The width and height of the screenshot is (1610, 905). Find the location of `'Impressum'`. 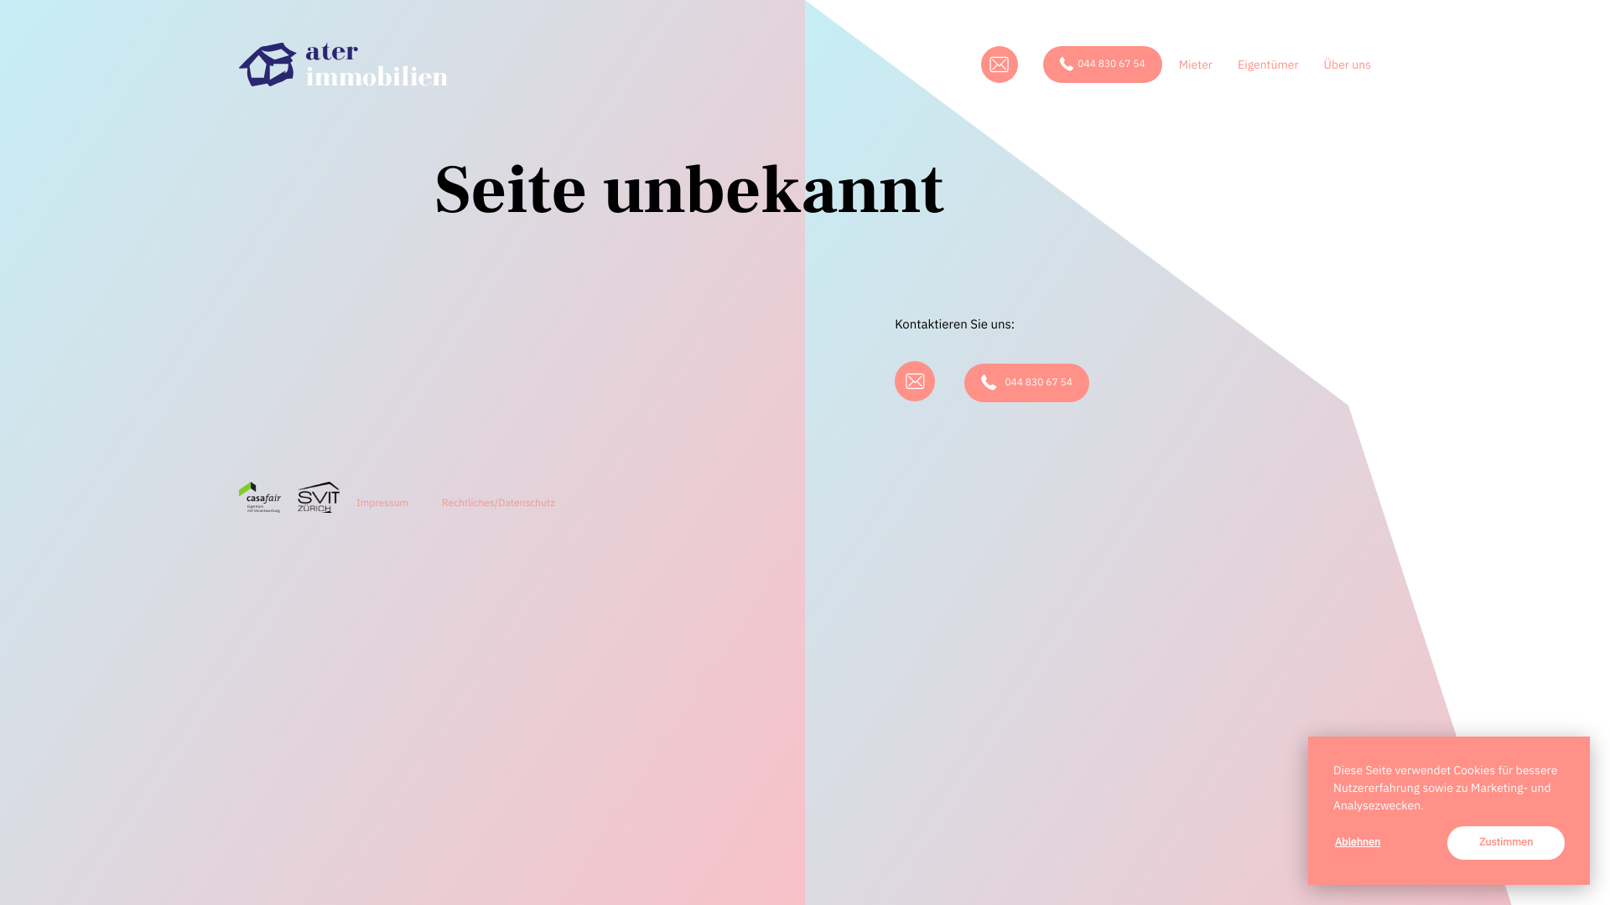

'Impressum' is located at coordinates (382, 496).